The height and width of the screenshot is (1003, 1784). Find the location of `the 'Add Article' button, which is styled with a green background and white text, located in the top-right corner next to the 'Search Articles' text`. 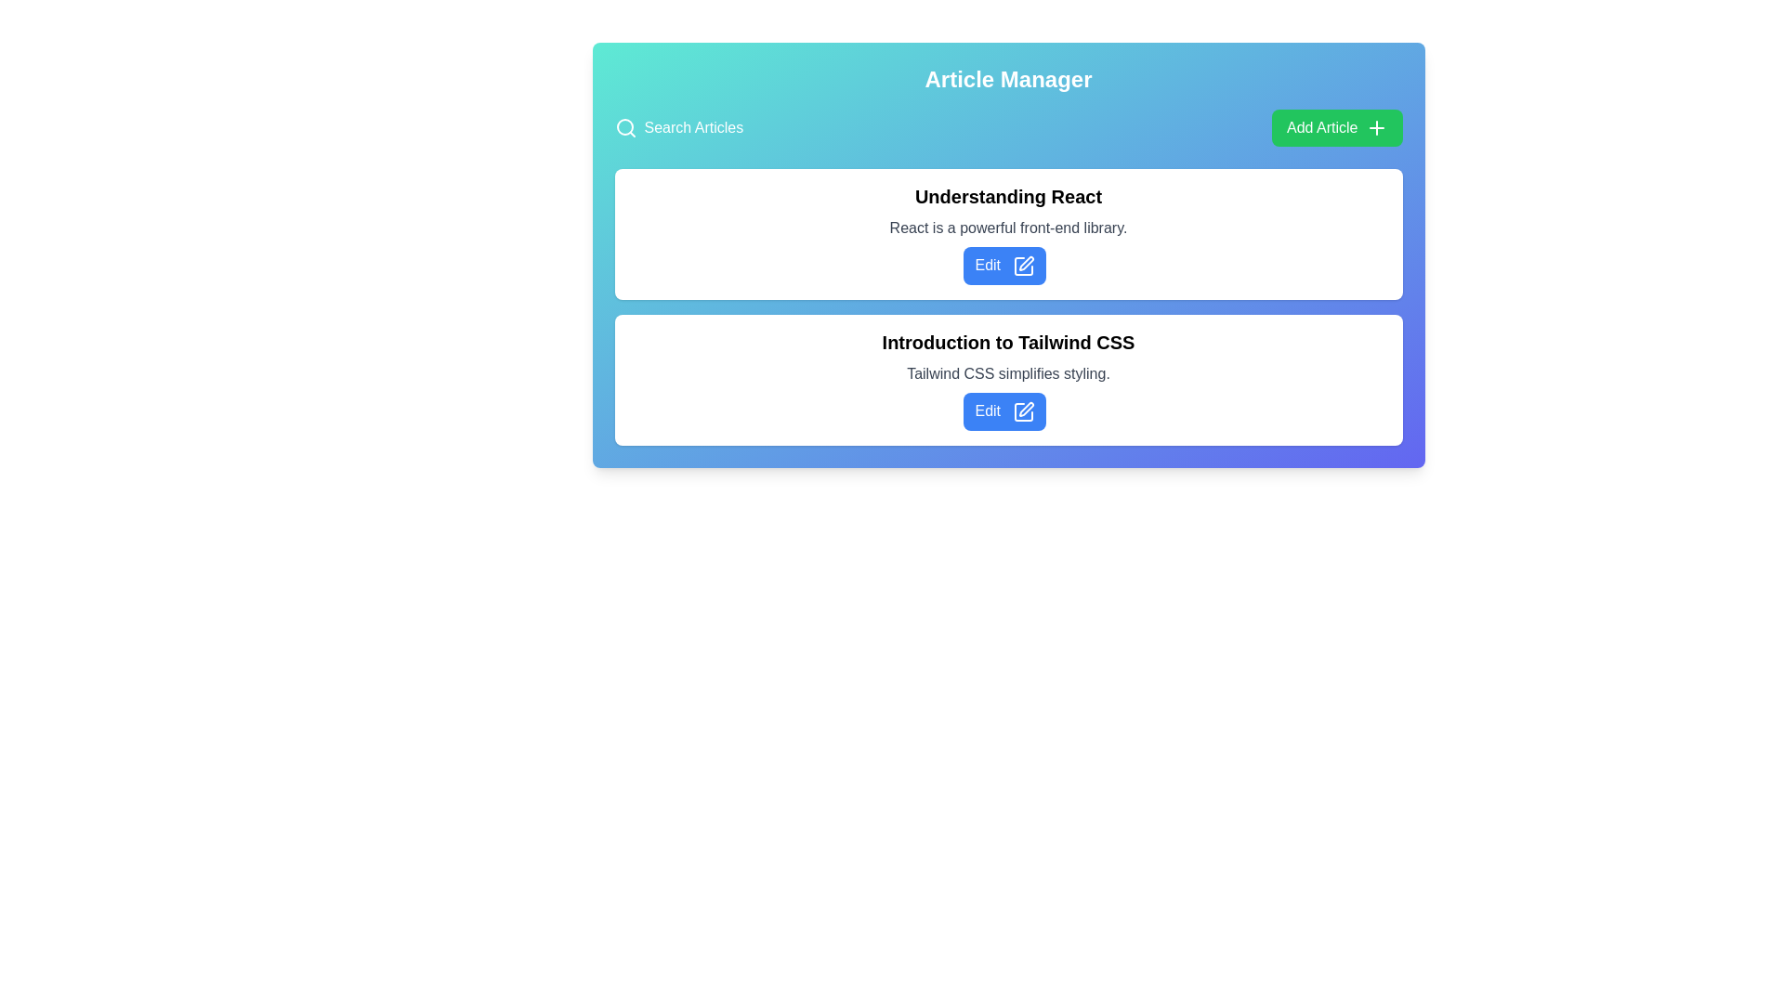

the 'Add Article' button, which is styled with a green background and white text, located in the top-right corner next to the 'Search Articles' text is located at coordinates (1336, 127).